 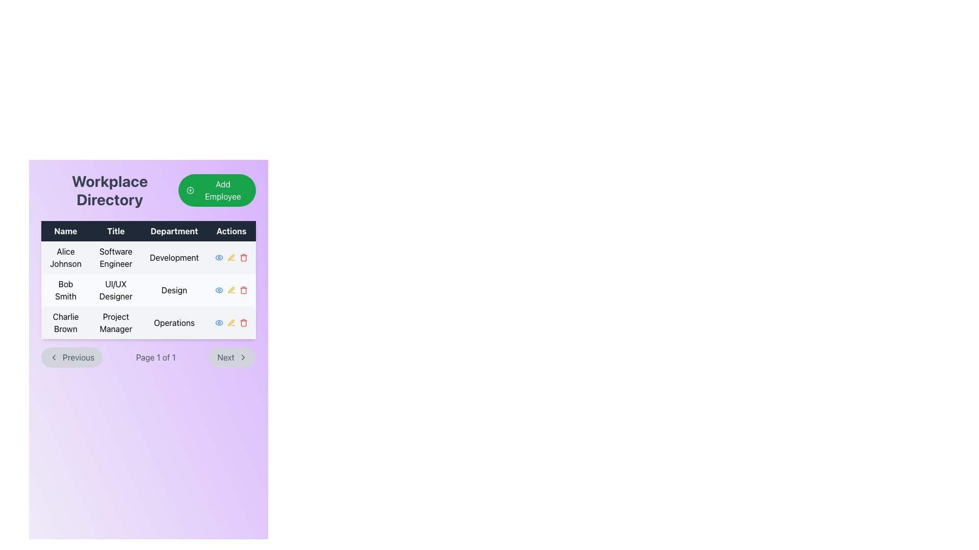 What do you see at coordinates (230, 290) in the screenshot?
I see `the edit button icon for 'Bob Smith' in the second row of the table` at bounding box center [230, 290].